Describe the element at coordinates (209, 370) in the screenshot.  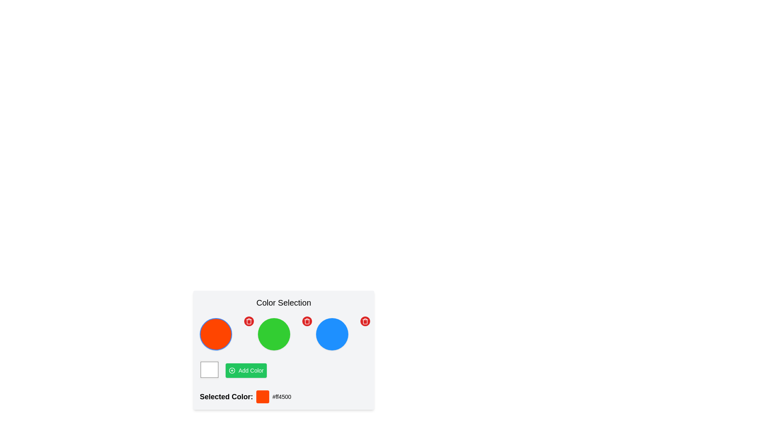
I see `the leftmost color selector in the lower row of the color selection panel` at that location.